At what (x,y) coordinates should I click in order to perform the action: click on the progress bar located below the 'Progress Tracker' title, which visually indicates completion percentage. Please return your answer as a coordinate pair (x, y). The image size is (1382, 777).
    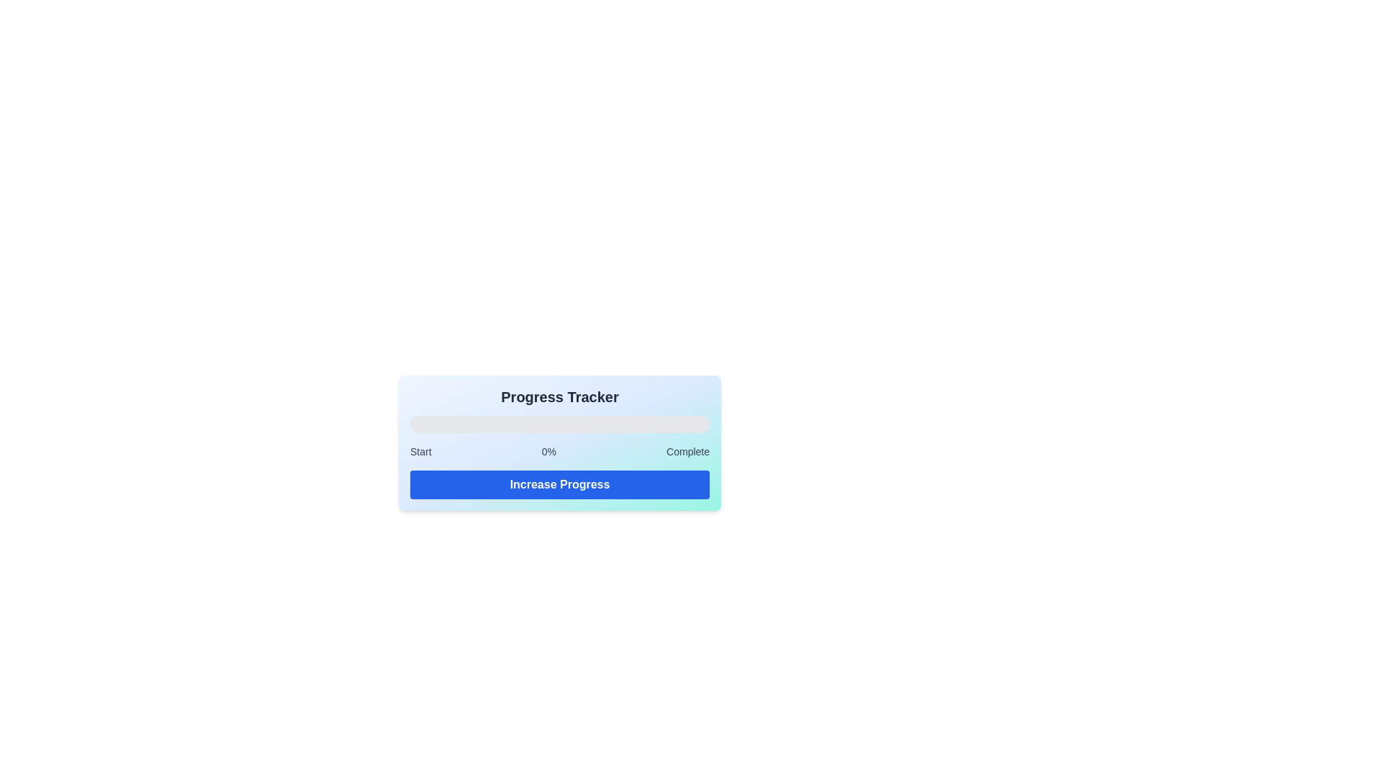
    Looking at the image, I should click on (559, 424).